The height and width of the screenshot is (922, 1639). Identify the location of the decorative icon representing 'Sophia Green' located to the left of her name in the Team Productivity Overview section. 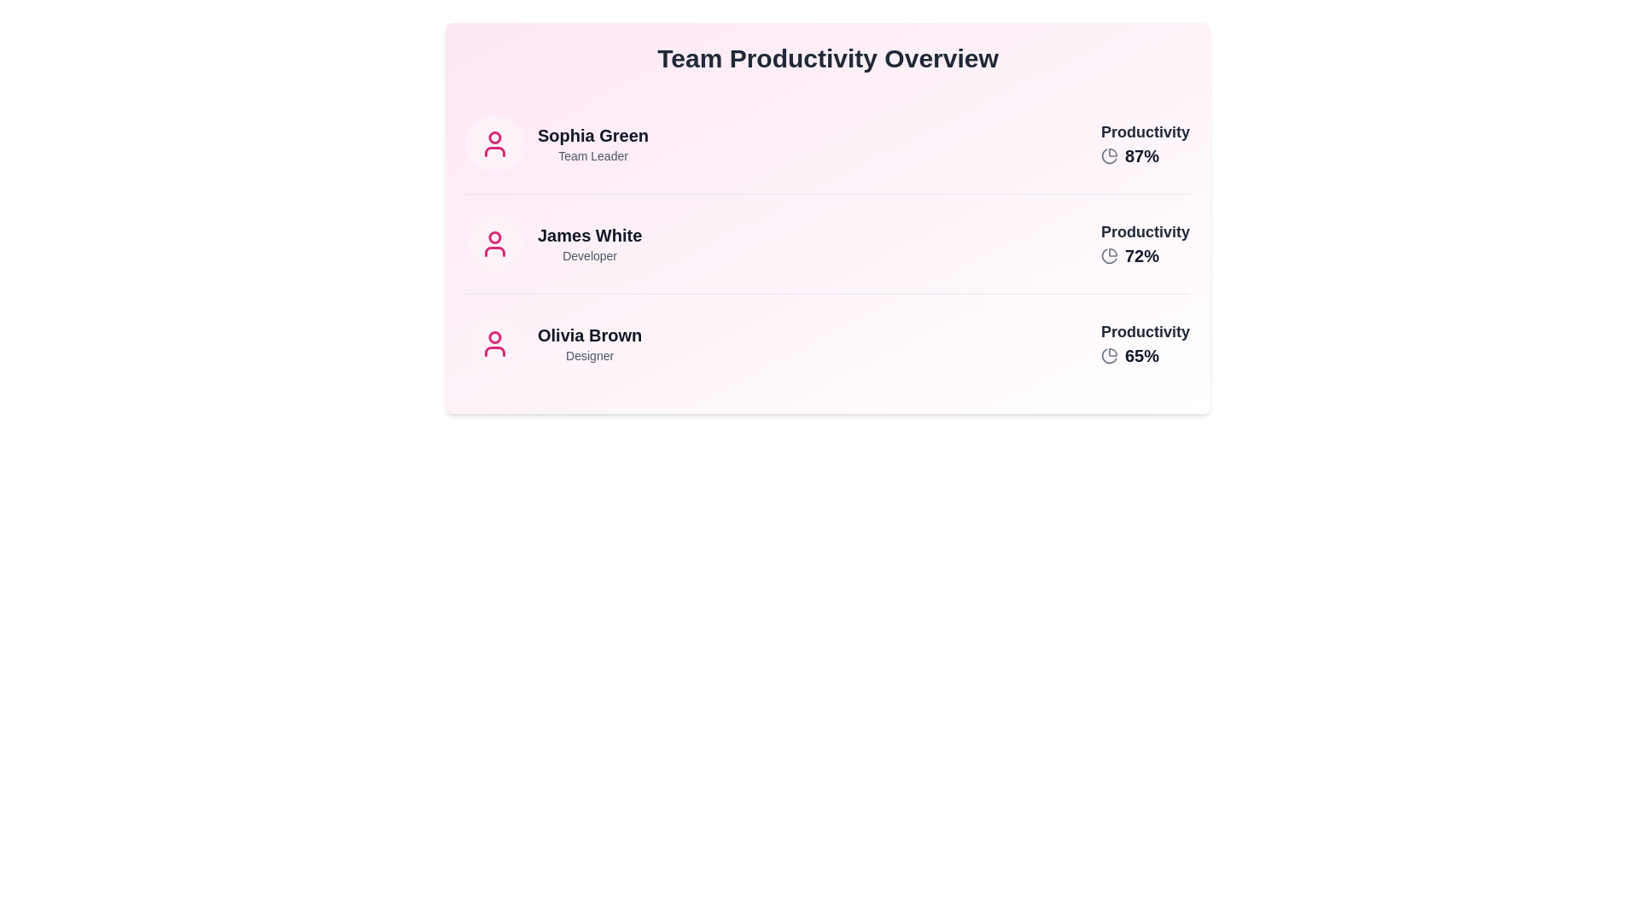
(494, 143).